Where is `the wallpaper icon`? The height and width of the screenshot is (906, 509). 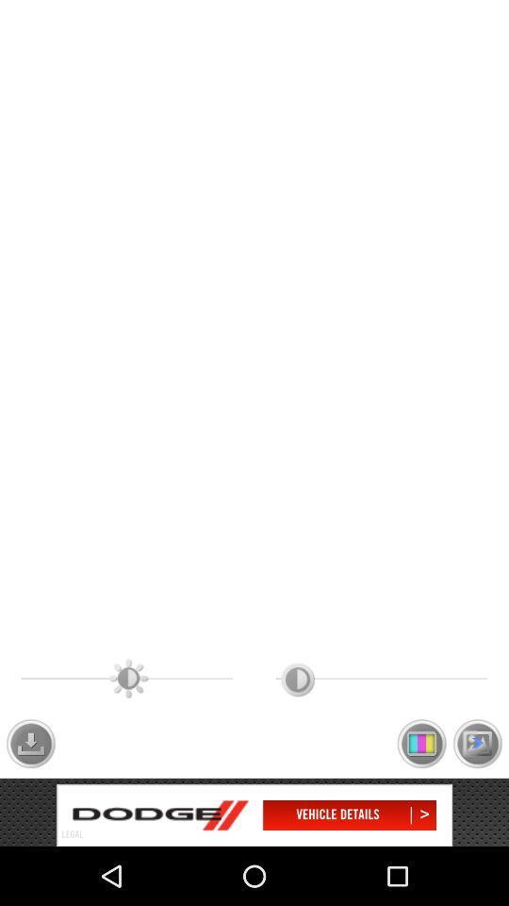
the wallpaper icon is located at coordinates (478, 795).